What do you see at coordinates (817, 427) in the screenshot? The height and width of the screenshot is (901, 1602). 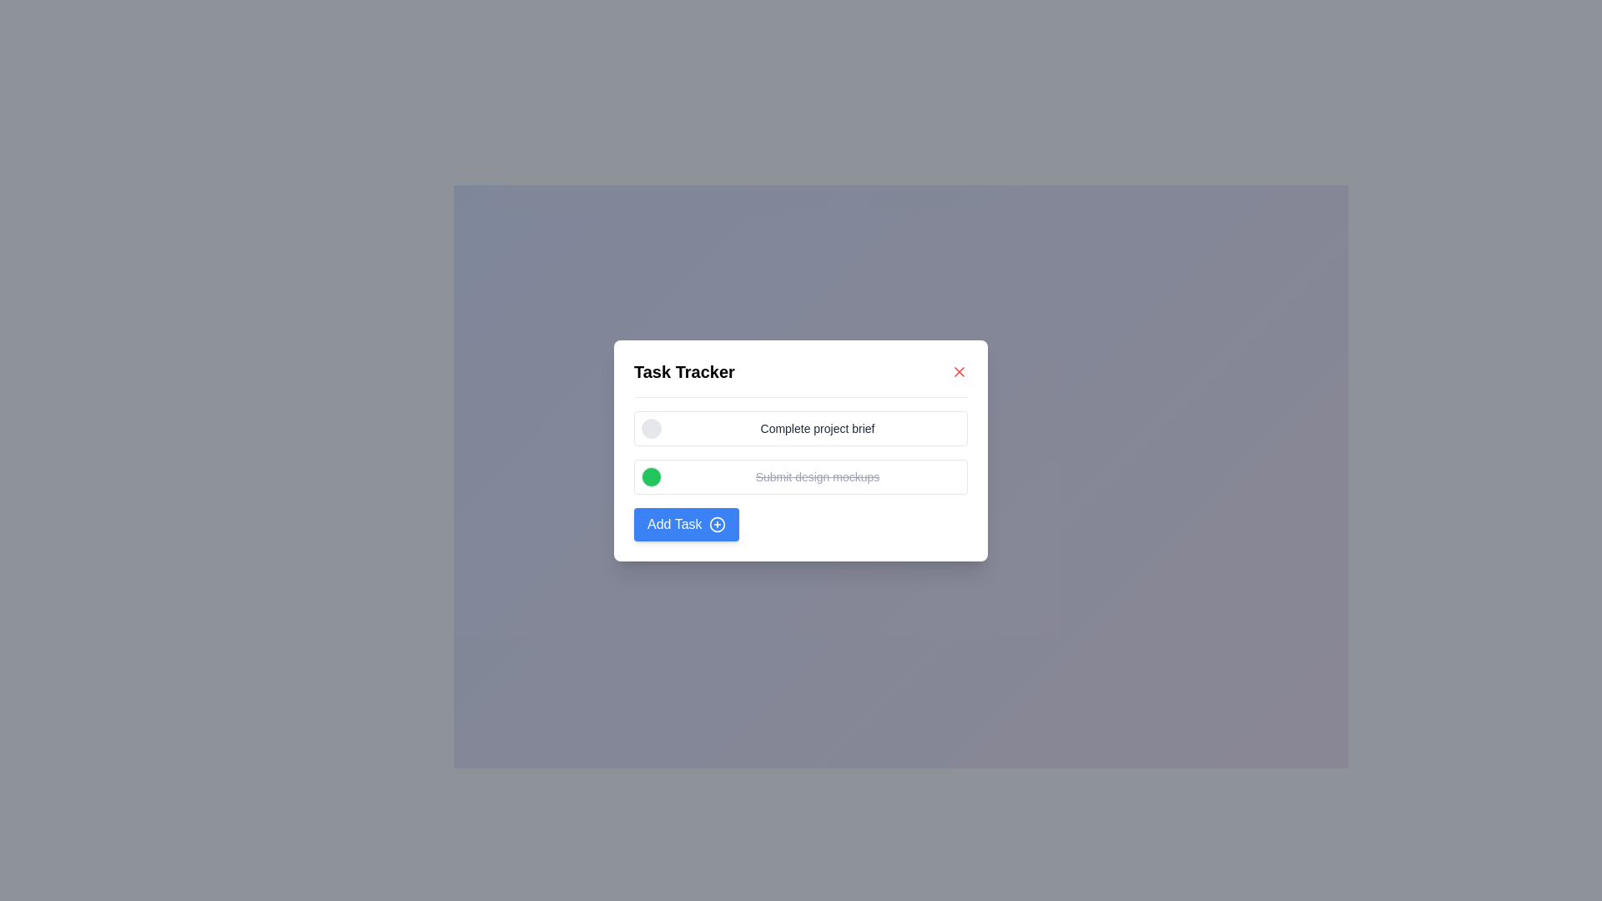 I see `the task label element that describes the first task entry in the 'Task Tracker' interface, located below the header and to the right of the circular status indicator` at bounding box center [817, 427].